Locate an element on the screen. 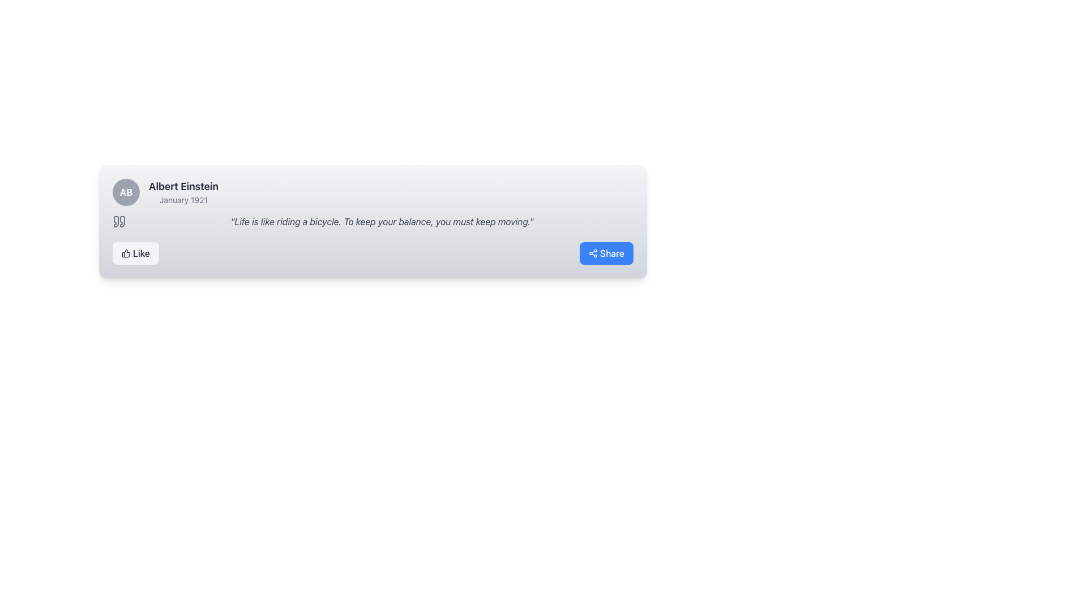  the 'like' button which contains the text label located in the bottom-left quadrant of the card component, immediately to the right of the thumbs-up icon is located at coordinates (140, 252).